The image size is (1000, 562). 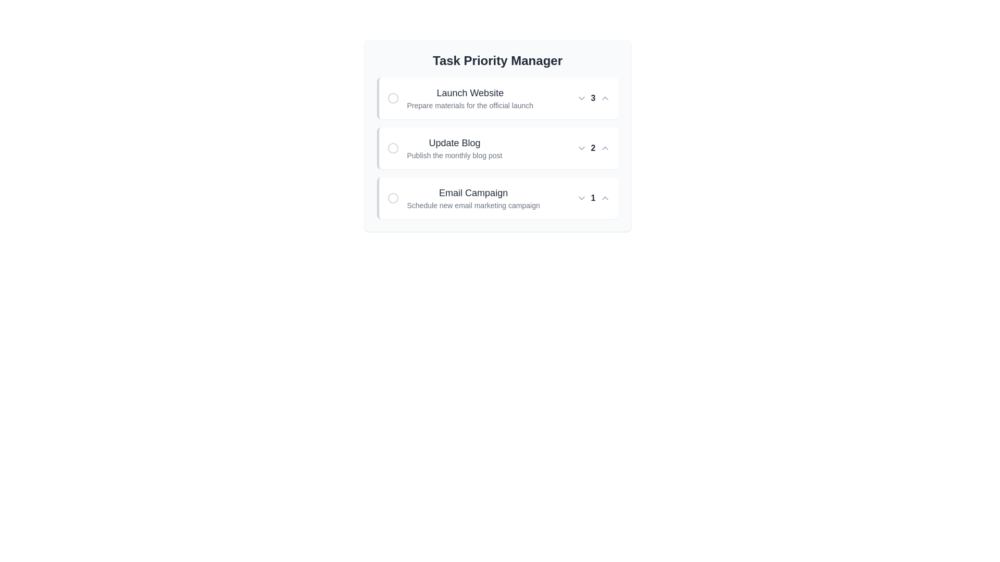 I want to click on supplementary text description located directly below the 'Email Campaign' label in the interface, so click(x=473, y=205).